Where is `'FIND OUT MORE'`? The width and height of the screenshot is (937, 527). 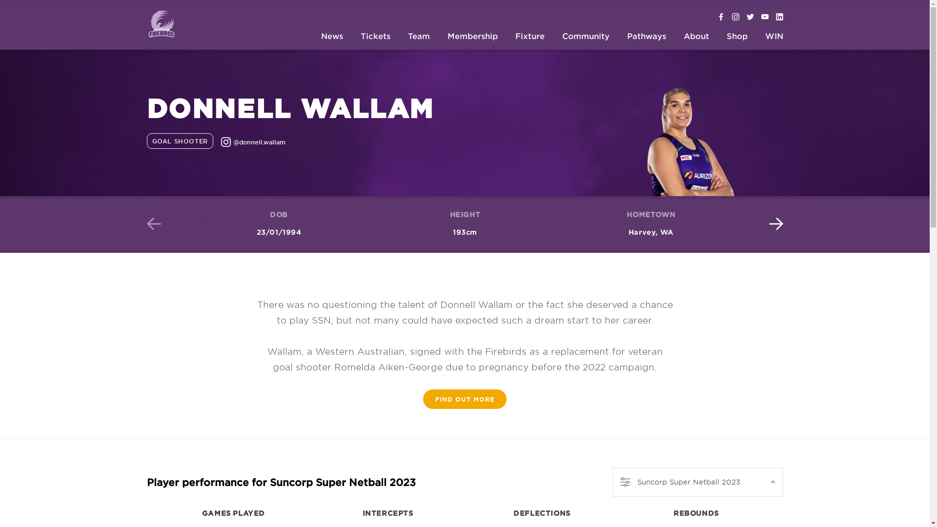
'FIND OUT MORE' is located at coordinates (464, 399).